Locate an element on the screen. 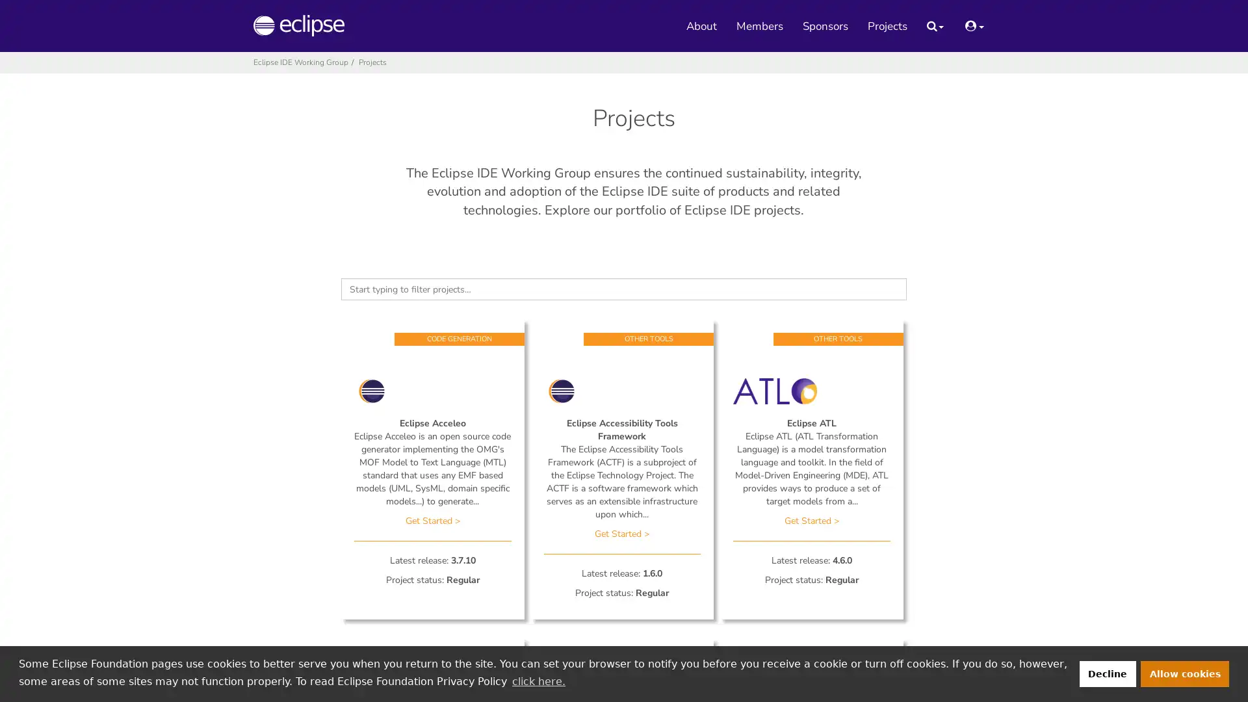 This screenshot has width=1248, height=702. learn more about cookies is located at coordinates (538, 681).